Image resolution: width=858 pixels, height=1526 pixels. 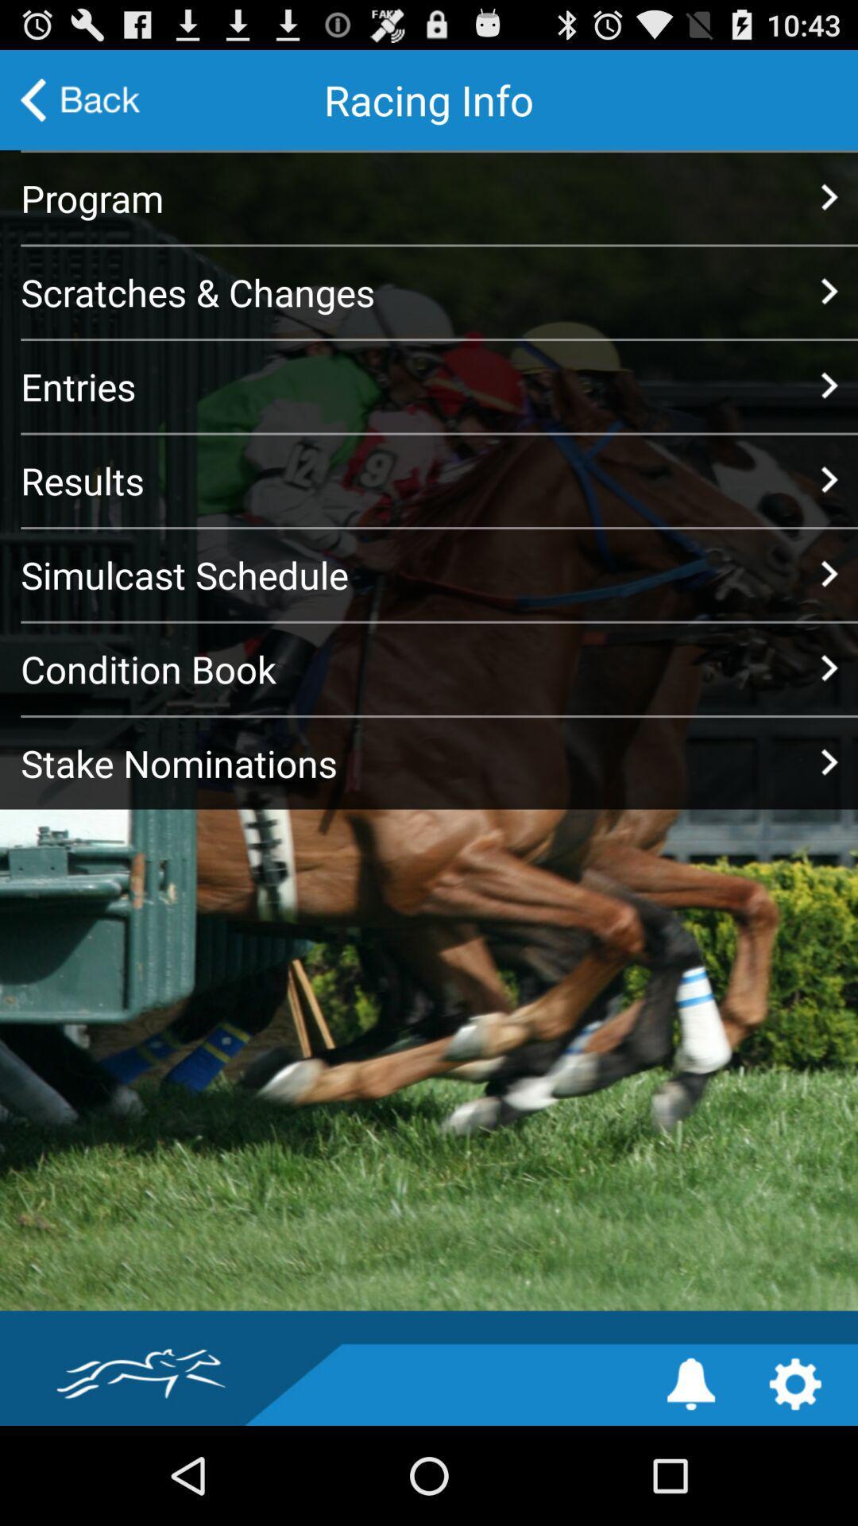 What do you see at coordinates (690, 1383) in the screenshot?
I see `tap notification optiion` at bounding box center [690, 1383].